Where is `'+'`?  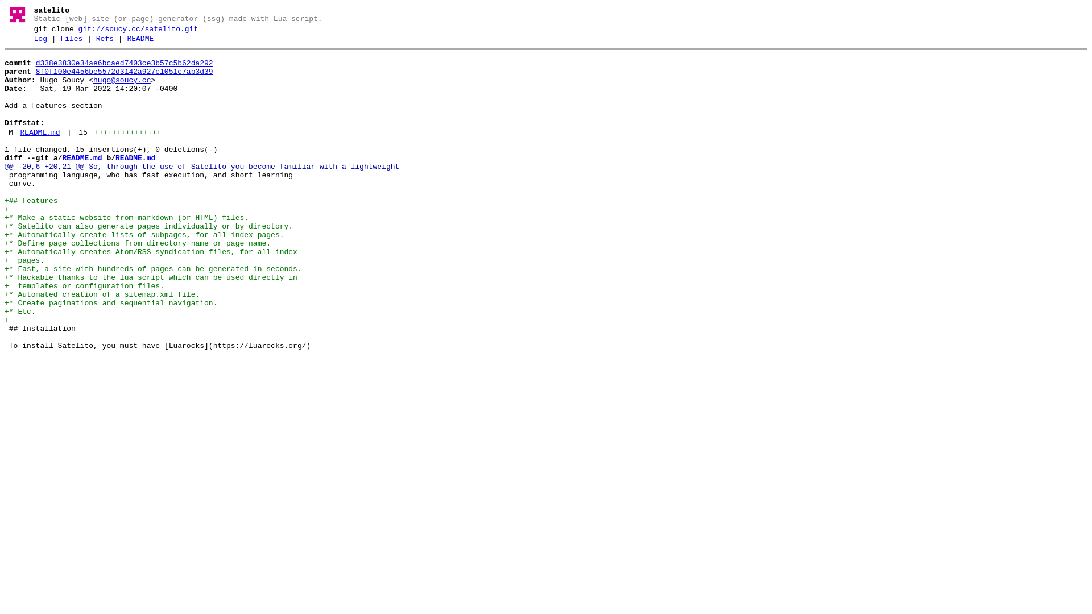 '+' is located at coordinates (7, 209).